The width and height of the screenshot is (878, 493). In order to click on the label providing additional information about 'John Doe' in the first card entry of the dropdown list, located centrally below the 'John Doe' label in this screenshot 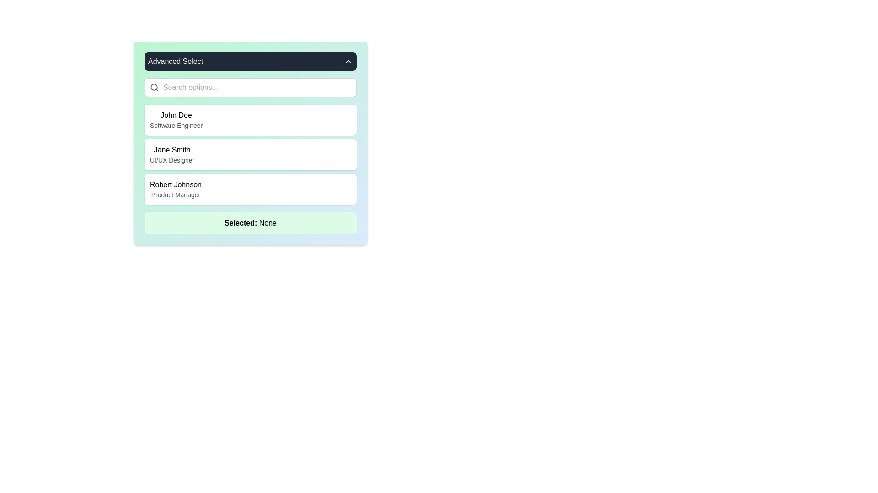, I will do `click(176, 125)`.